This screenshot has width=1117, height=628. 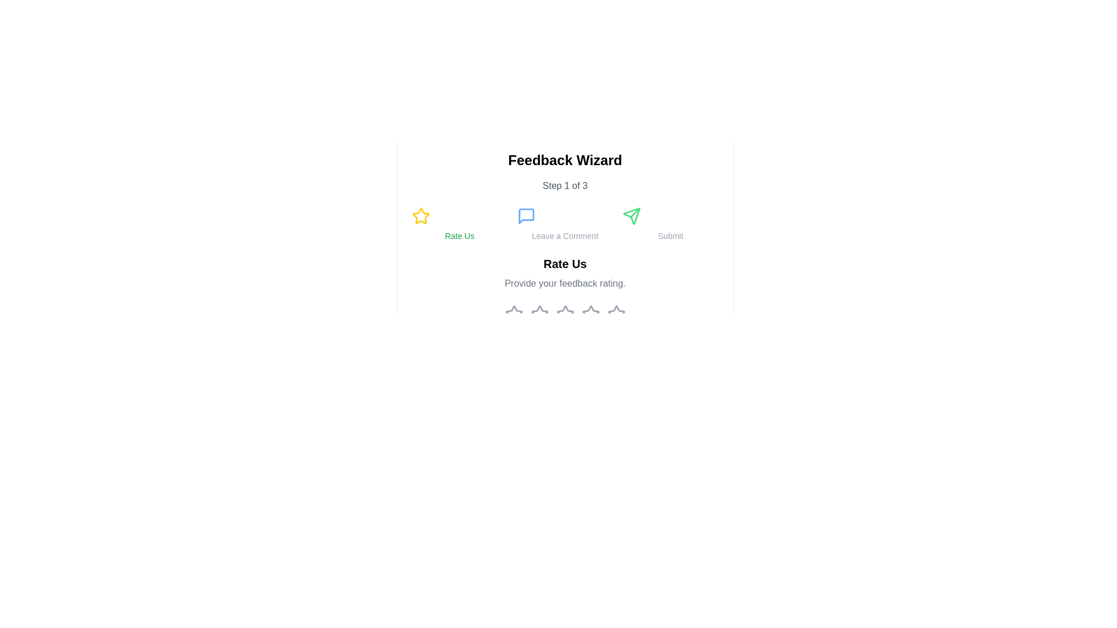 What do you see at coordinates (565, 314) in the screenshot?
I see `the third star in the series of five rating stars displayed beneath the 'Rate Us' section for interactivity` at bounding box center [565, 314].